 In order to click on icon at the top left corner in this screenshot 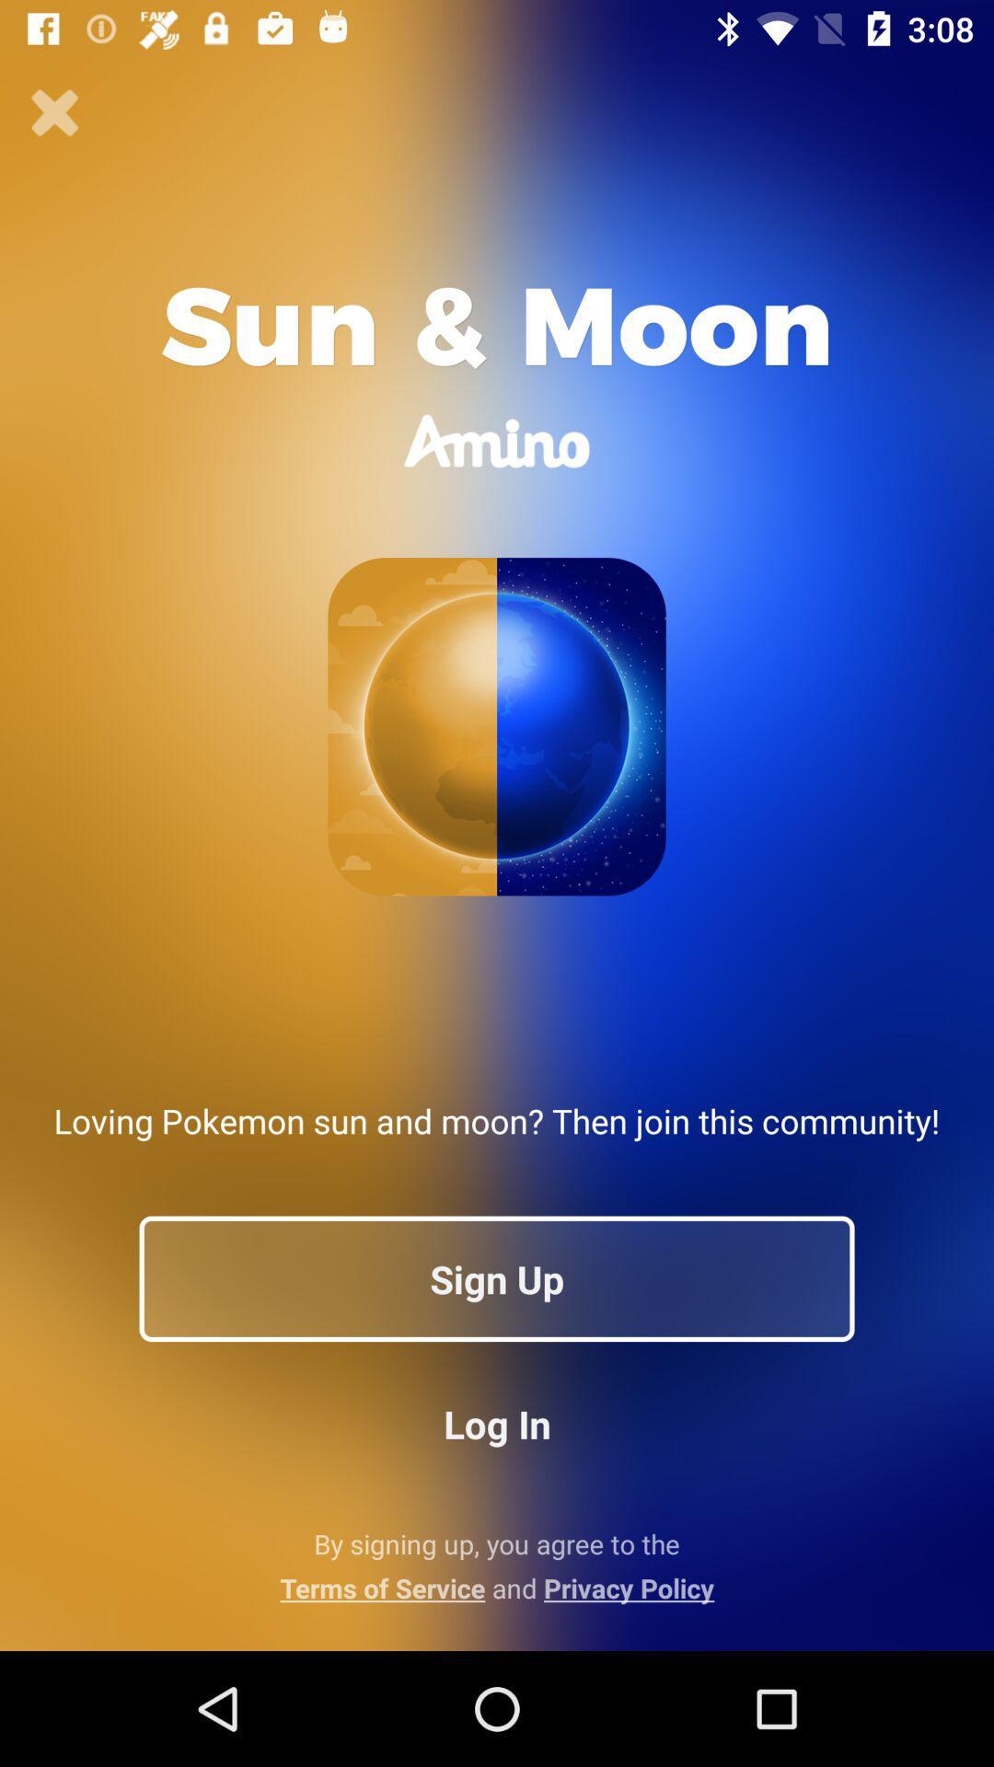, I will do `click(54, 112)`.